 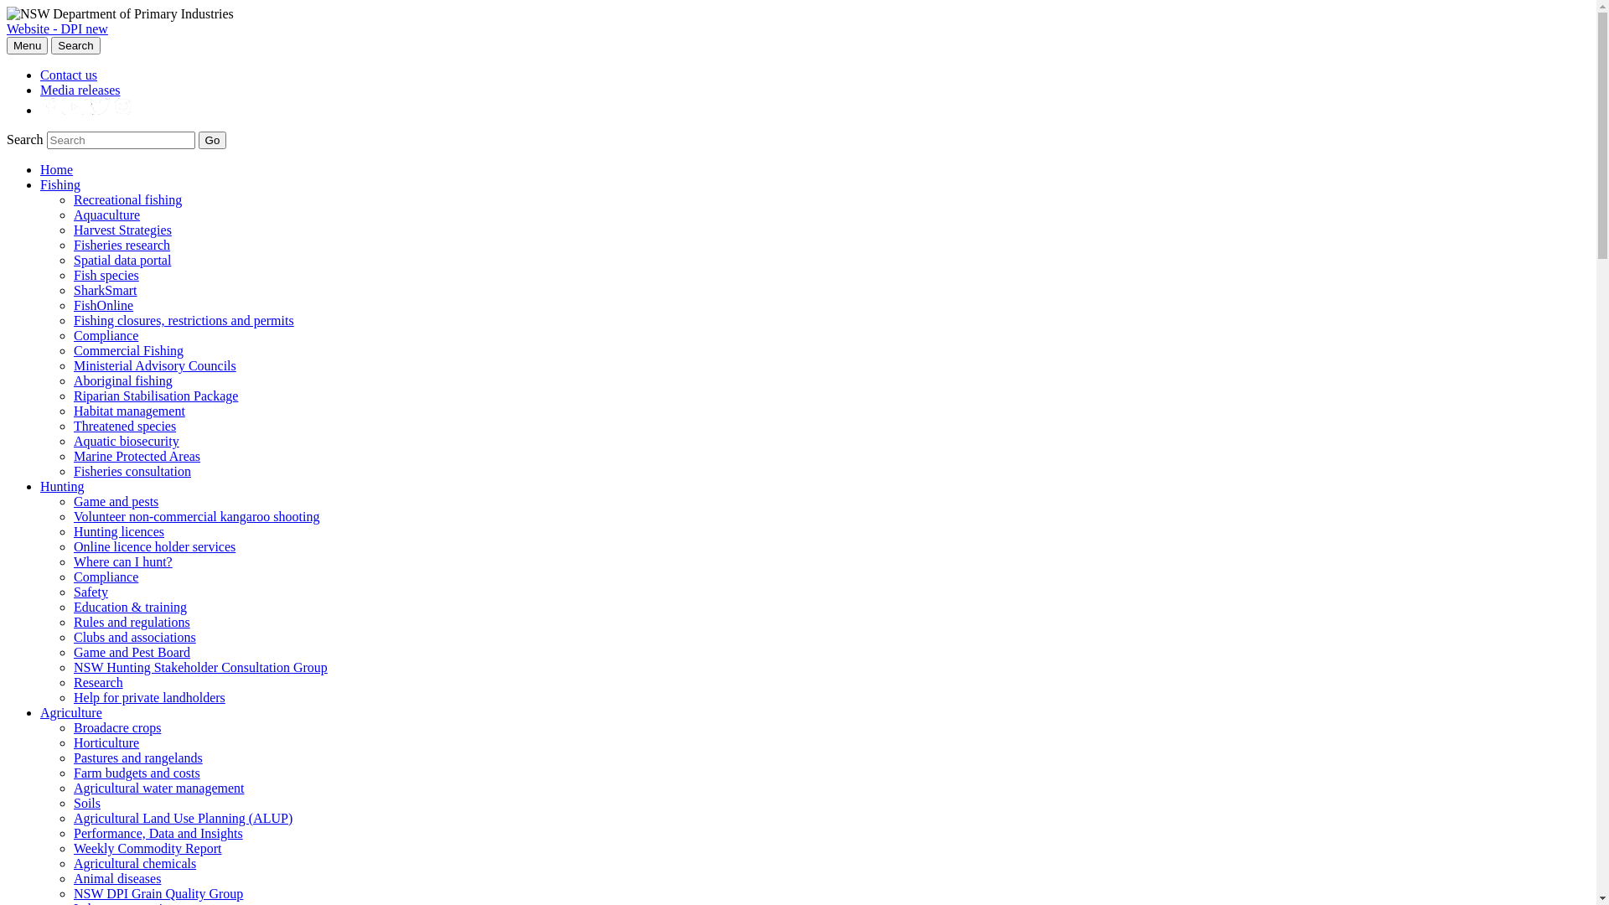 What do you see at coordinates (135, 863) in the screenshot?
I see `'Agricultural chemicals'` at bounding box center [135, 863].